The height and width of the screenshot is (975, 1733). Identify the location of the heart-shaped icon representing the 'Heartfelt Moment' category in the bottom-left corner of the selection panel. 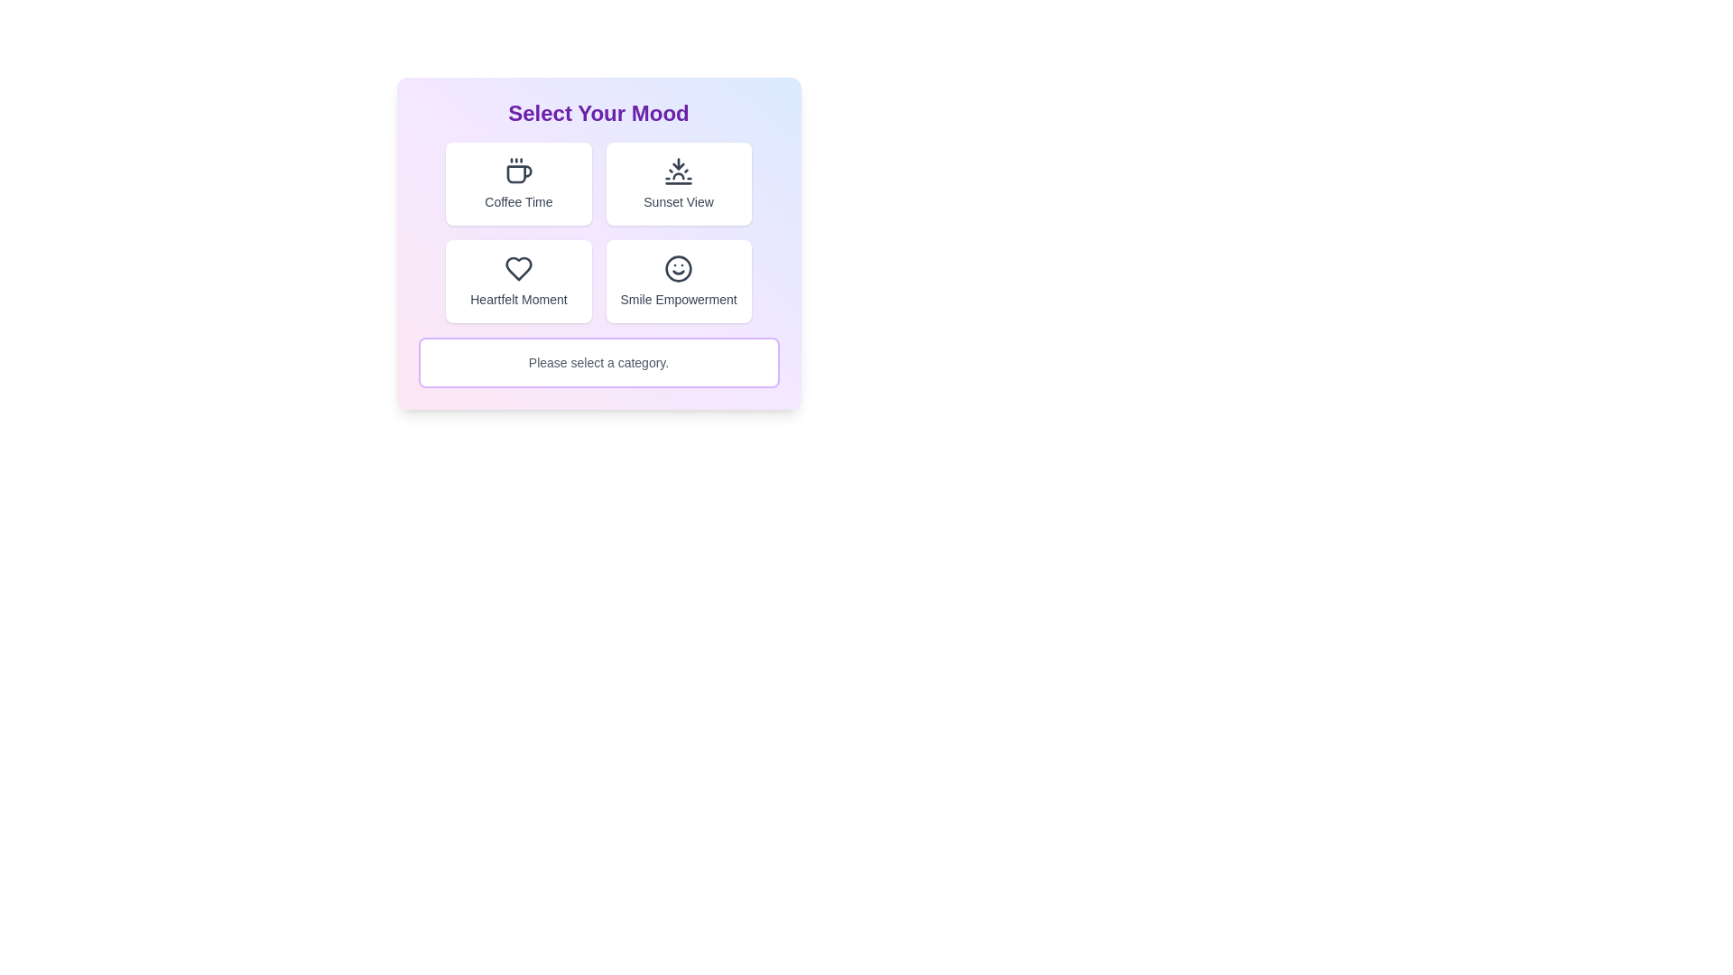
(517, 268).